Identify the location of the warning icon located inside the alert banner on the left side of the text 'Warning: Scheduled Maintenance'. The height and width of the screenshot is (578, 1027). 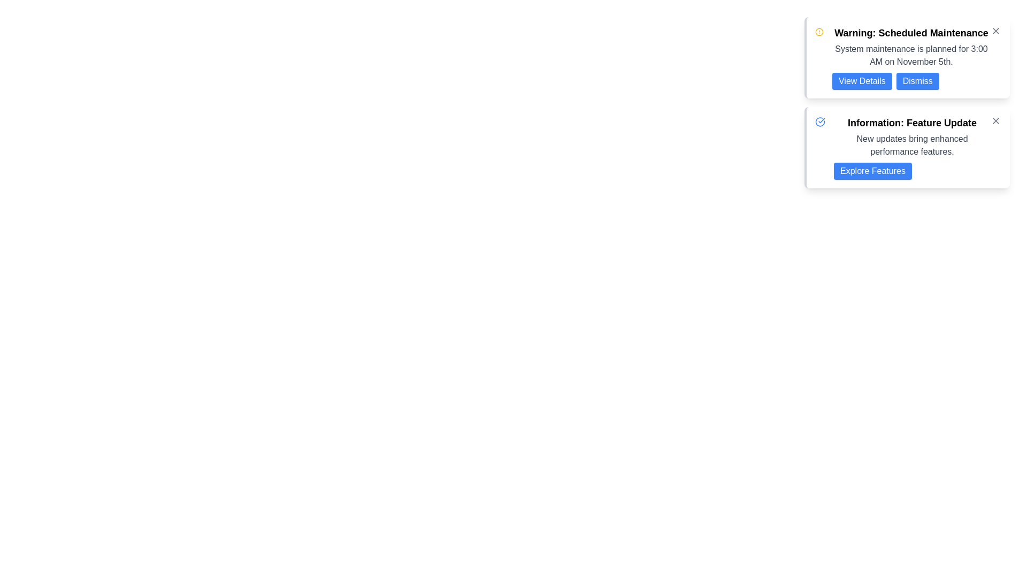
(818, 32).